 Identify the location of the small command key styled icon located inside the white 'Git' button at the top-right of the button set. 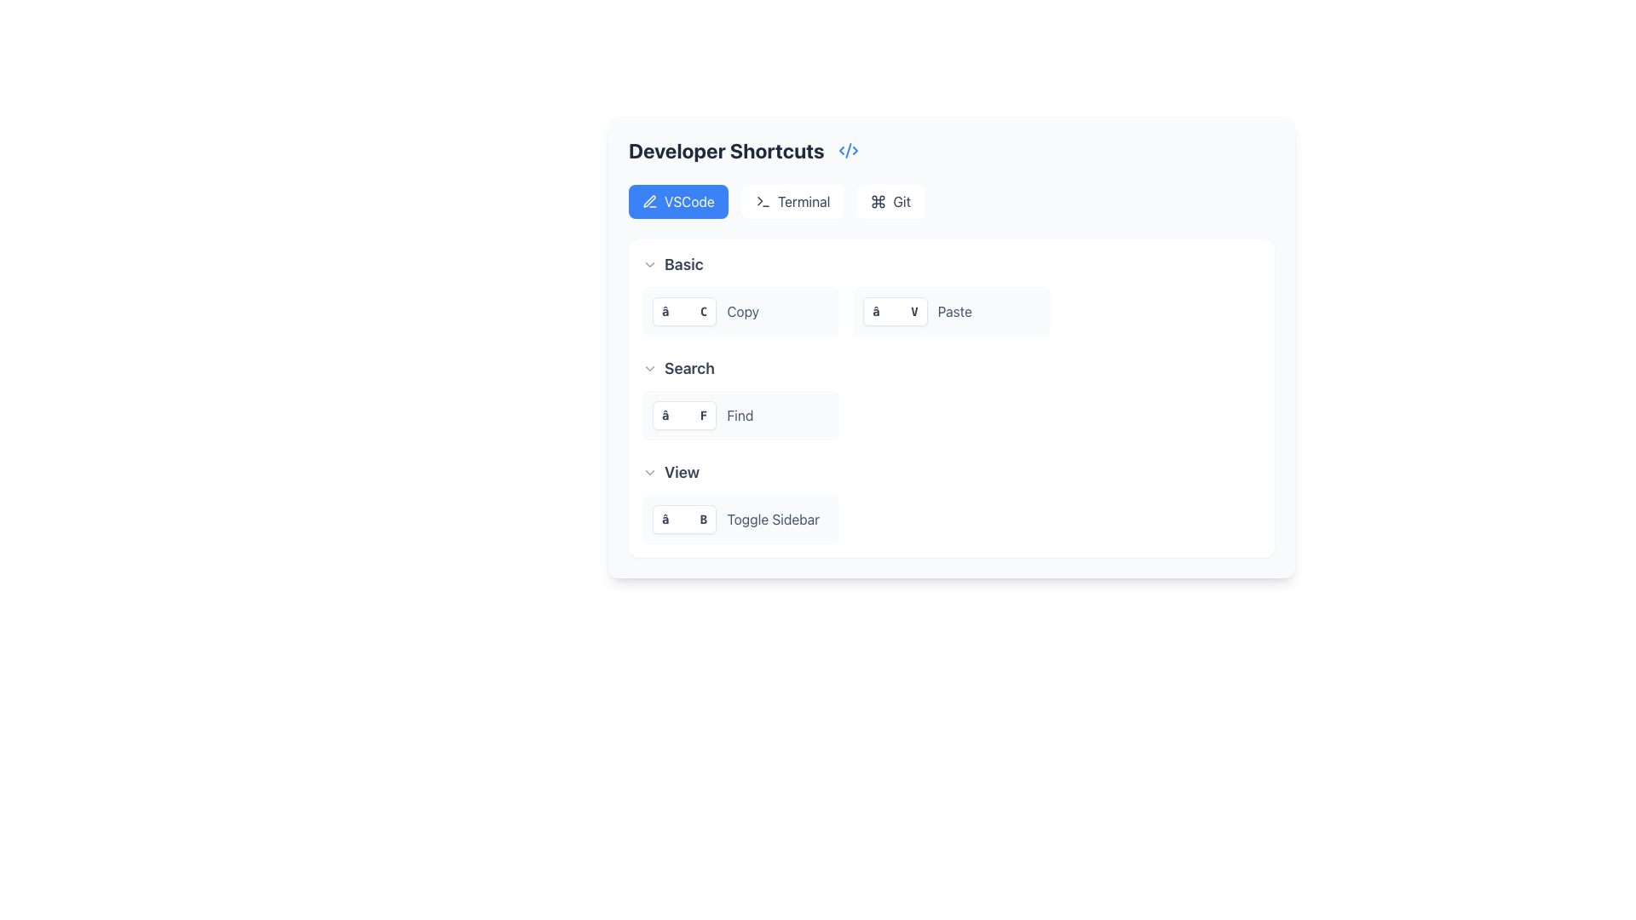
(878, 200).